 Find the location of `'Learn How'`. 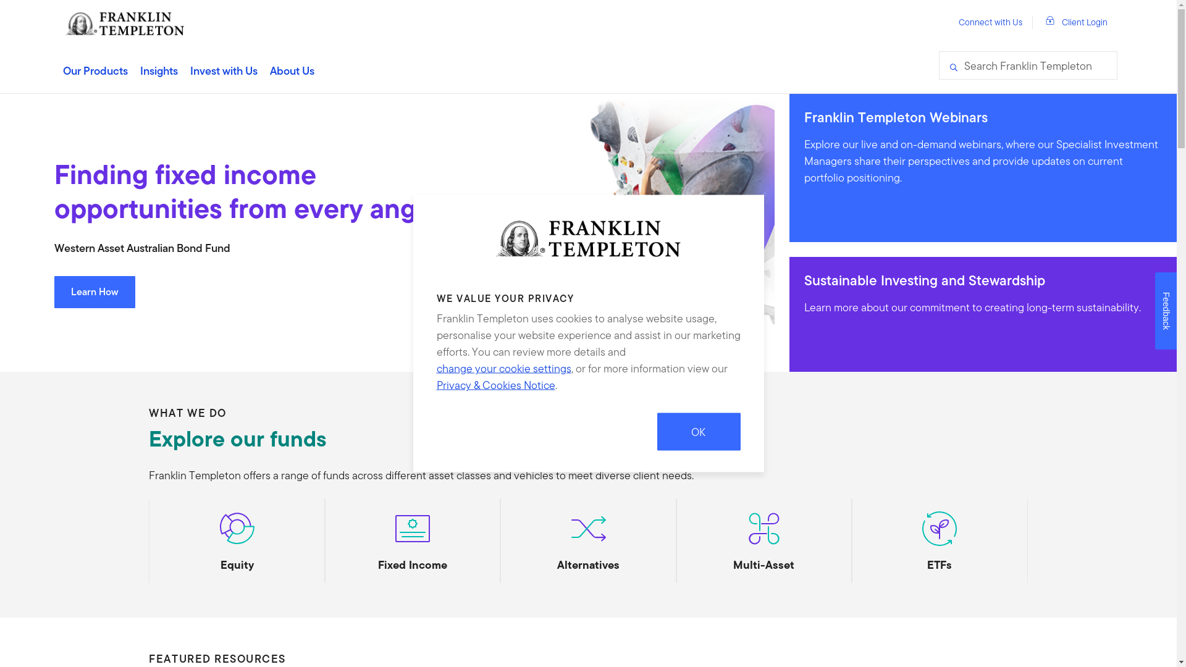

'Learn How' is located at coordinates (94, 292).